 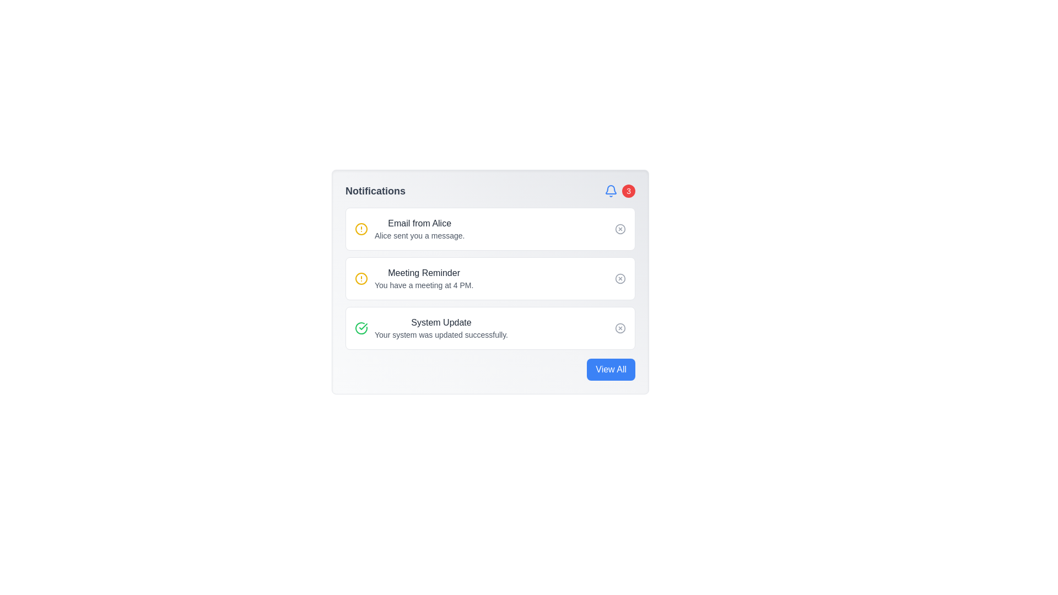 I want to click on the text label that serves as the title or header for a notification item, located in the middle notification block under the title 'Notifications', so click(x=423, y=273).